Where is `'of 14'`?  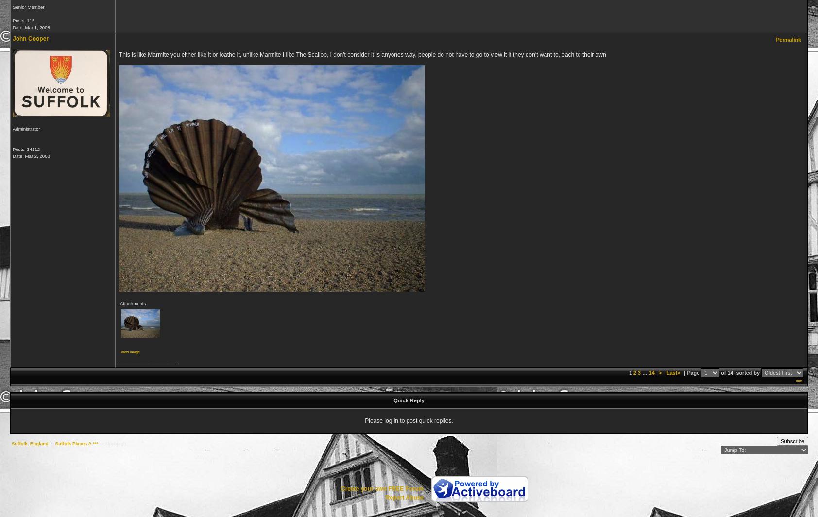 'of 14' is located at coordinates (727, 372).